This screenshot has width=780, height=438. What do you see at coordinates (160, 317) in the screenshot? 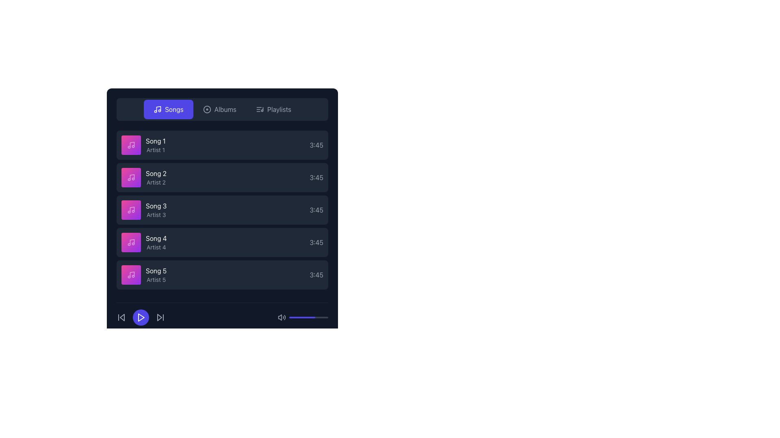
I see `the 'Skip Forward' button, which is the third interactive element in the playback controls positioned immediately to the right of the play button` at bounding box center [160, 317].